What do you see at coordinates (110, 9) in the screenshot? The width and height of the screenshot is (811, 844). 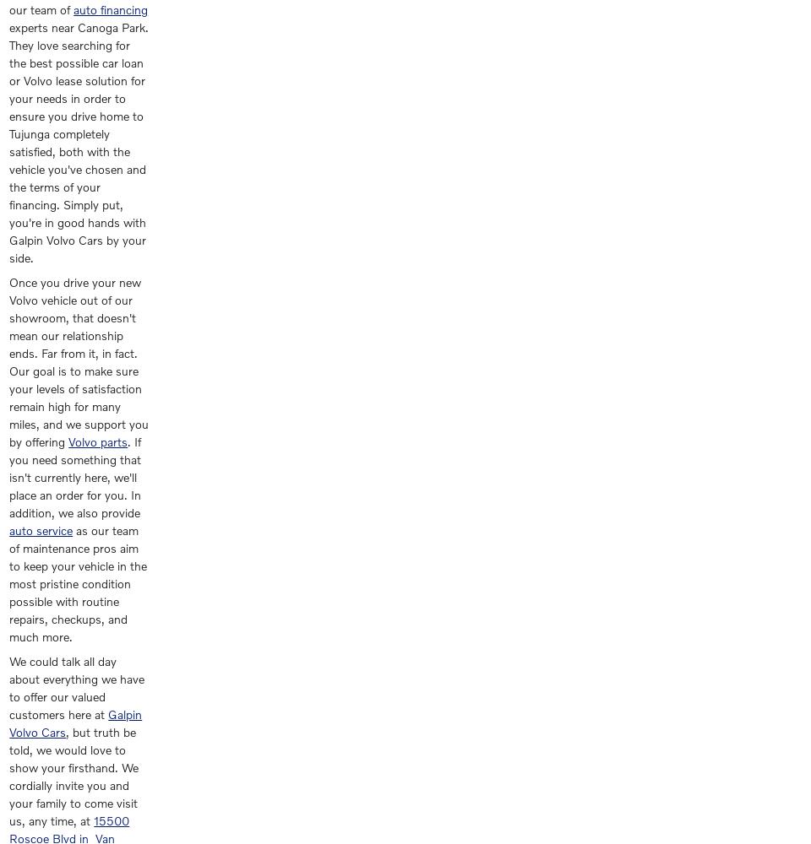 I see `'auto financing'` at bounding box center [110, 9].